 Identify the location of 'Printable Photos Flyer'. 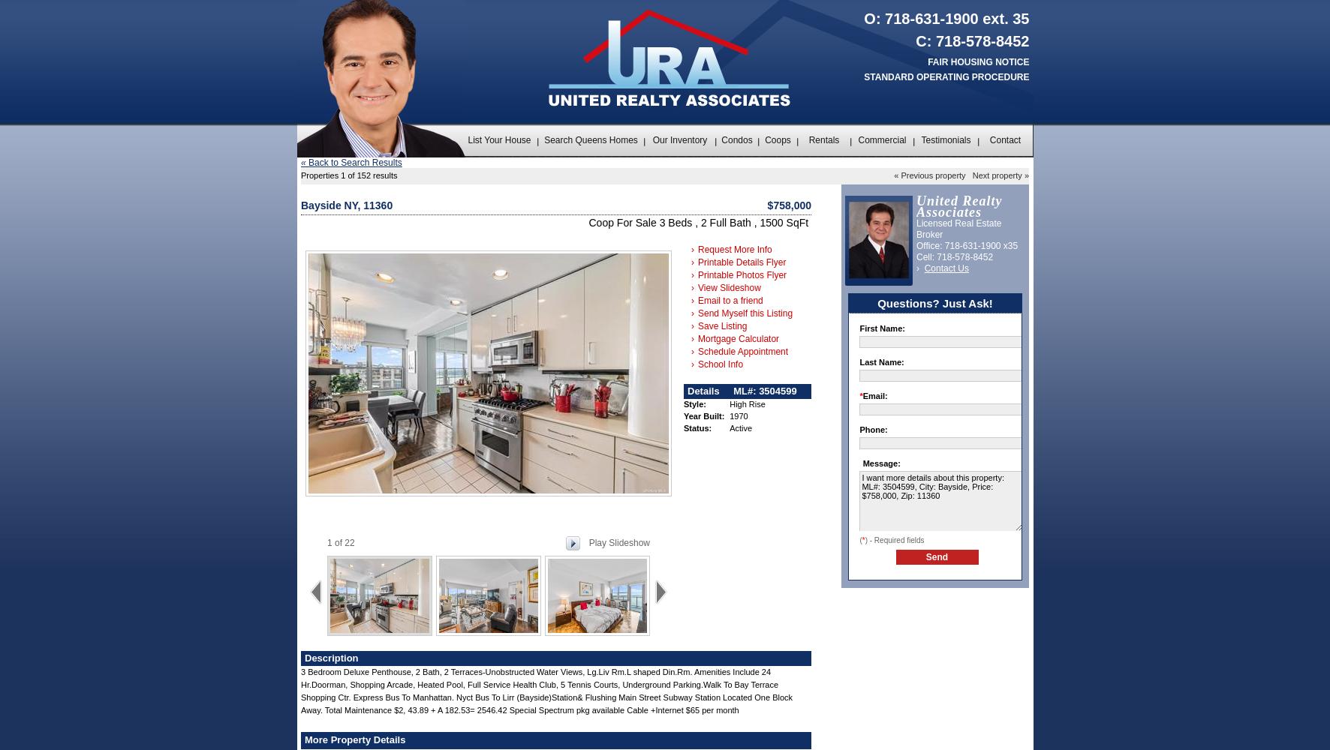
(740, 274).